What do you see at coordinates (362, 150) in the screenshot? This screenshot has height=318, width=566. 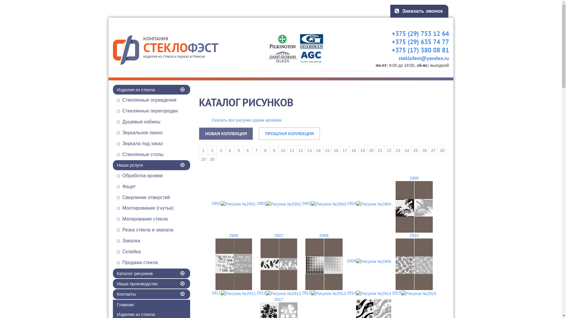 I see `'19'` at bounding box center [362, 150].